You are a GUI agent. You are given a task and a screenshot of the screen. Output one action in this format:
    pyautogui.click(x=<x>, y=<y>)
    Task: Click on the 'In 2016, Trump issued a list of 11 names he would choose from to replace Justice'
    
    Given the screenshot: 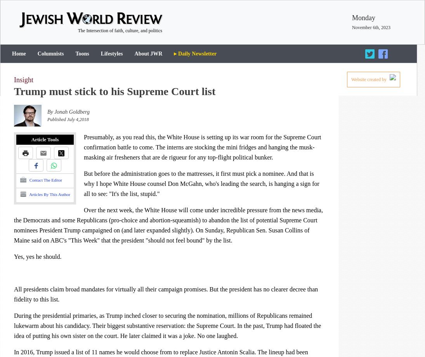 What is the action you would take?
    pyautogui.click(x=14, y=352)
    